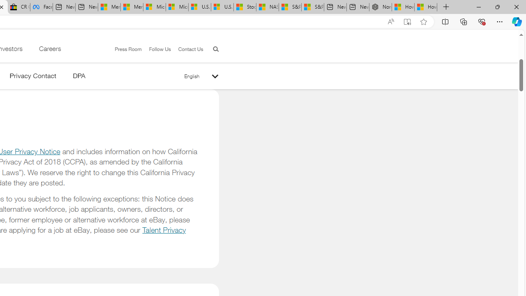 The width and height of the screenshot is (526, 296). What do you see at coordinates (312, 7) in the screenshot?
I see `'S&P 500, Nasdaq end lower, weighed by Nvidia dip | Watch'` at bounding box center [312, 7].